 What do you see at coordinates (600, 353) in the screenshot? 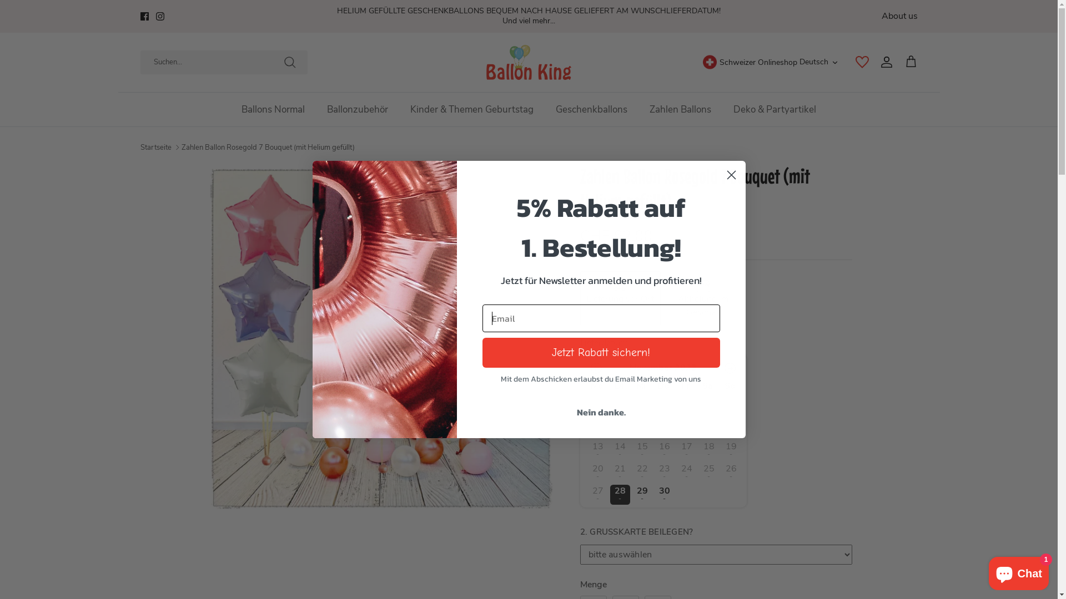
I see `'Jetzt Rabatt sichern!'` at bounding box center [600, 353].